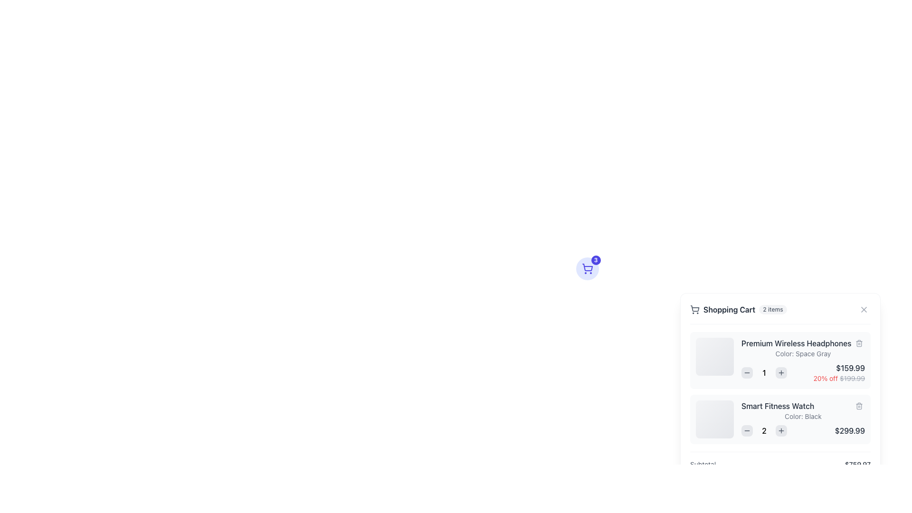 The image size is (912, 513). I want to click on text of the 'Premium Wireless Headphones' label located at the top of the first item listing in the shopping cart overlay, positioned to the right of the product's image placeholder, so click(802, 343).